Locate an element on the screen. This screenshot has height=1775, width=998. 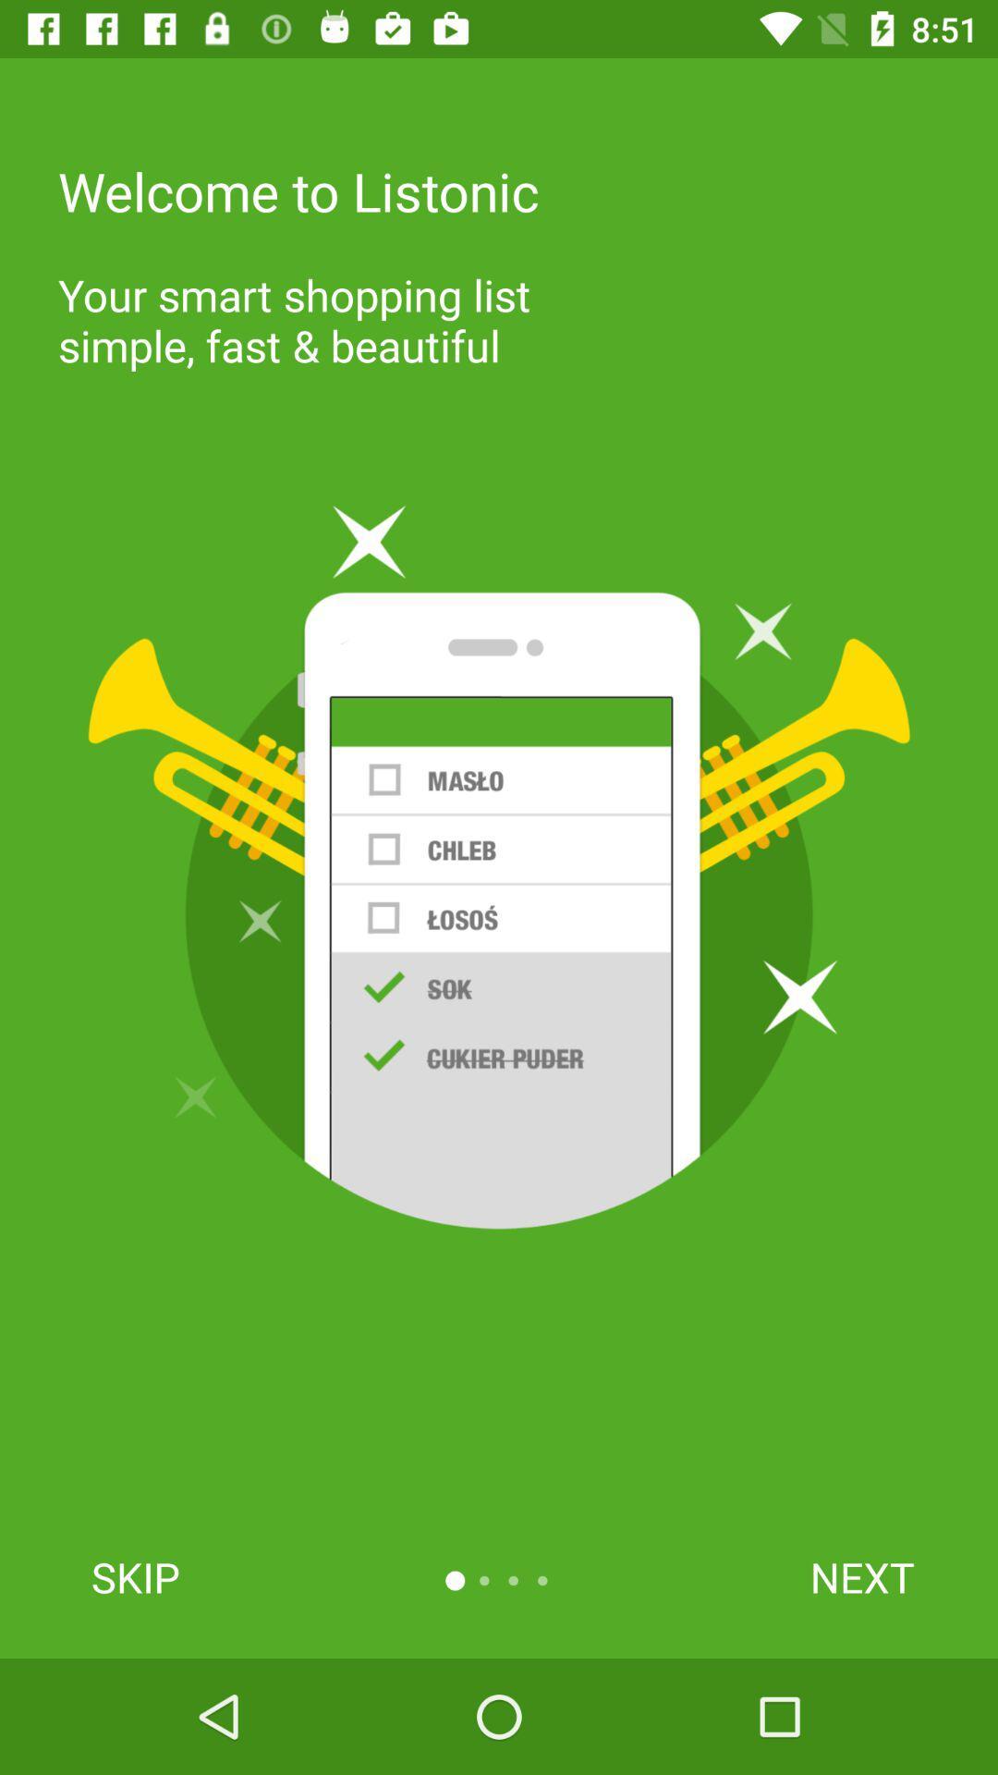
the item above skip item is located at coordinates (499, 866).